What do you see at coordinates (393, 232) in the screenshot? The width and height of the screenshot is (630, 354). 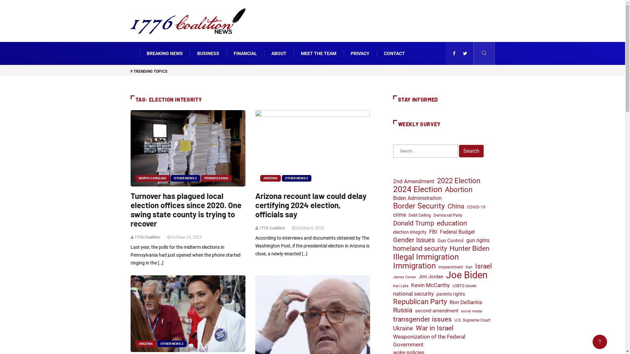 I see `'election integrity'` at bounding box center [393, 232].